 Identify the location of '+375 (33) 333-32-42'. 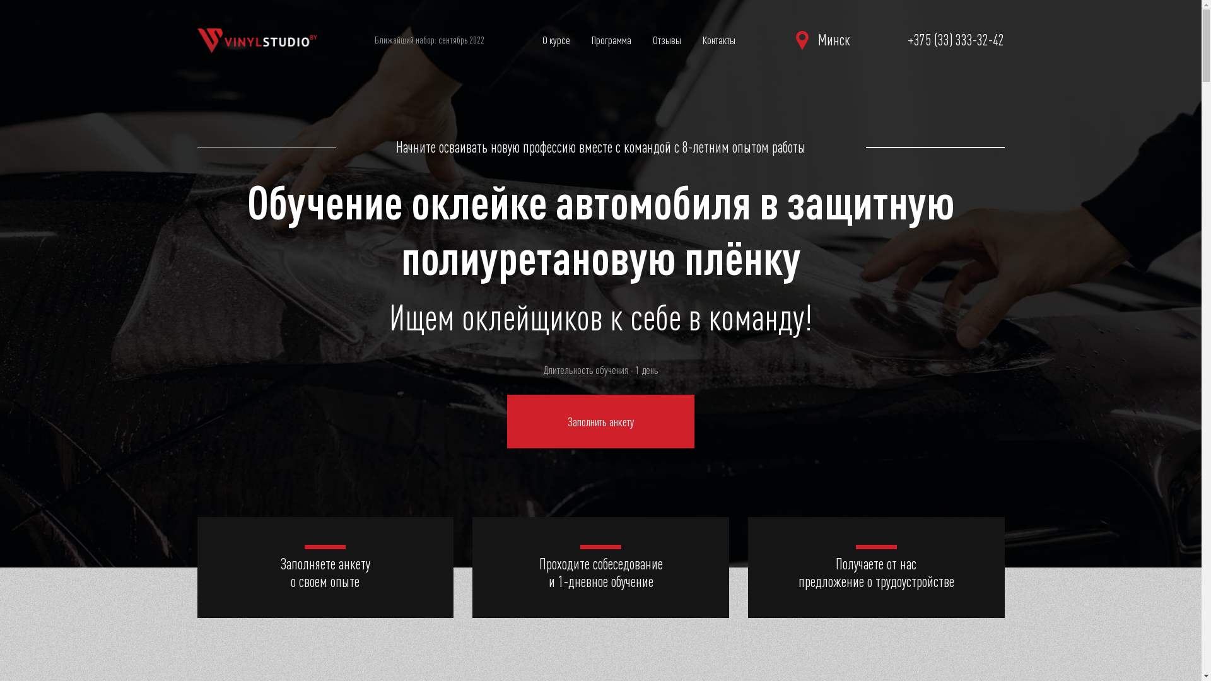
(956, 40).